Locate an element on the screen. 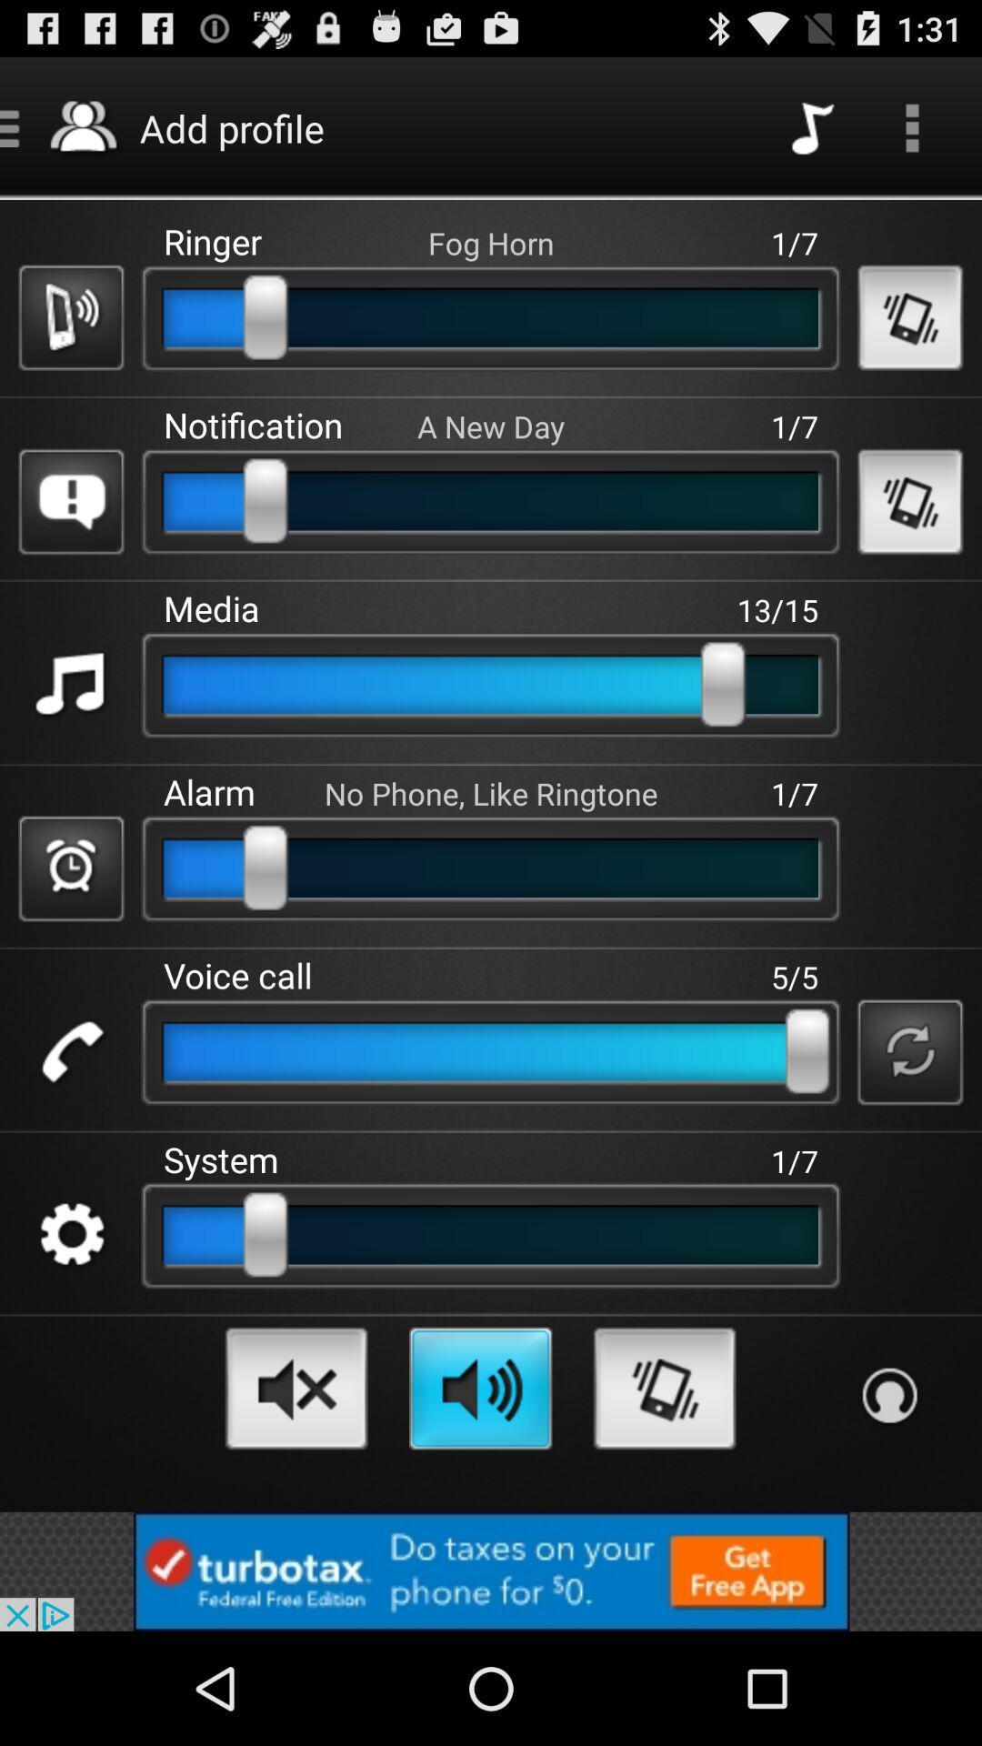 The width and height of the screenshot is (982, 1746). go view option is located at coordinates (912, 126).